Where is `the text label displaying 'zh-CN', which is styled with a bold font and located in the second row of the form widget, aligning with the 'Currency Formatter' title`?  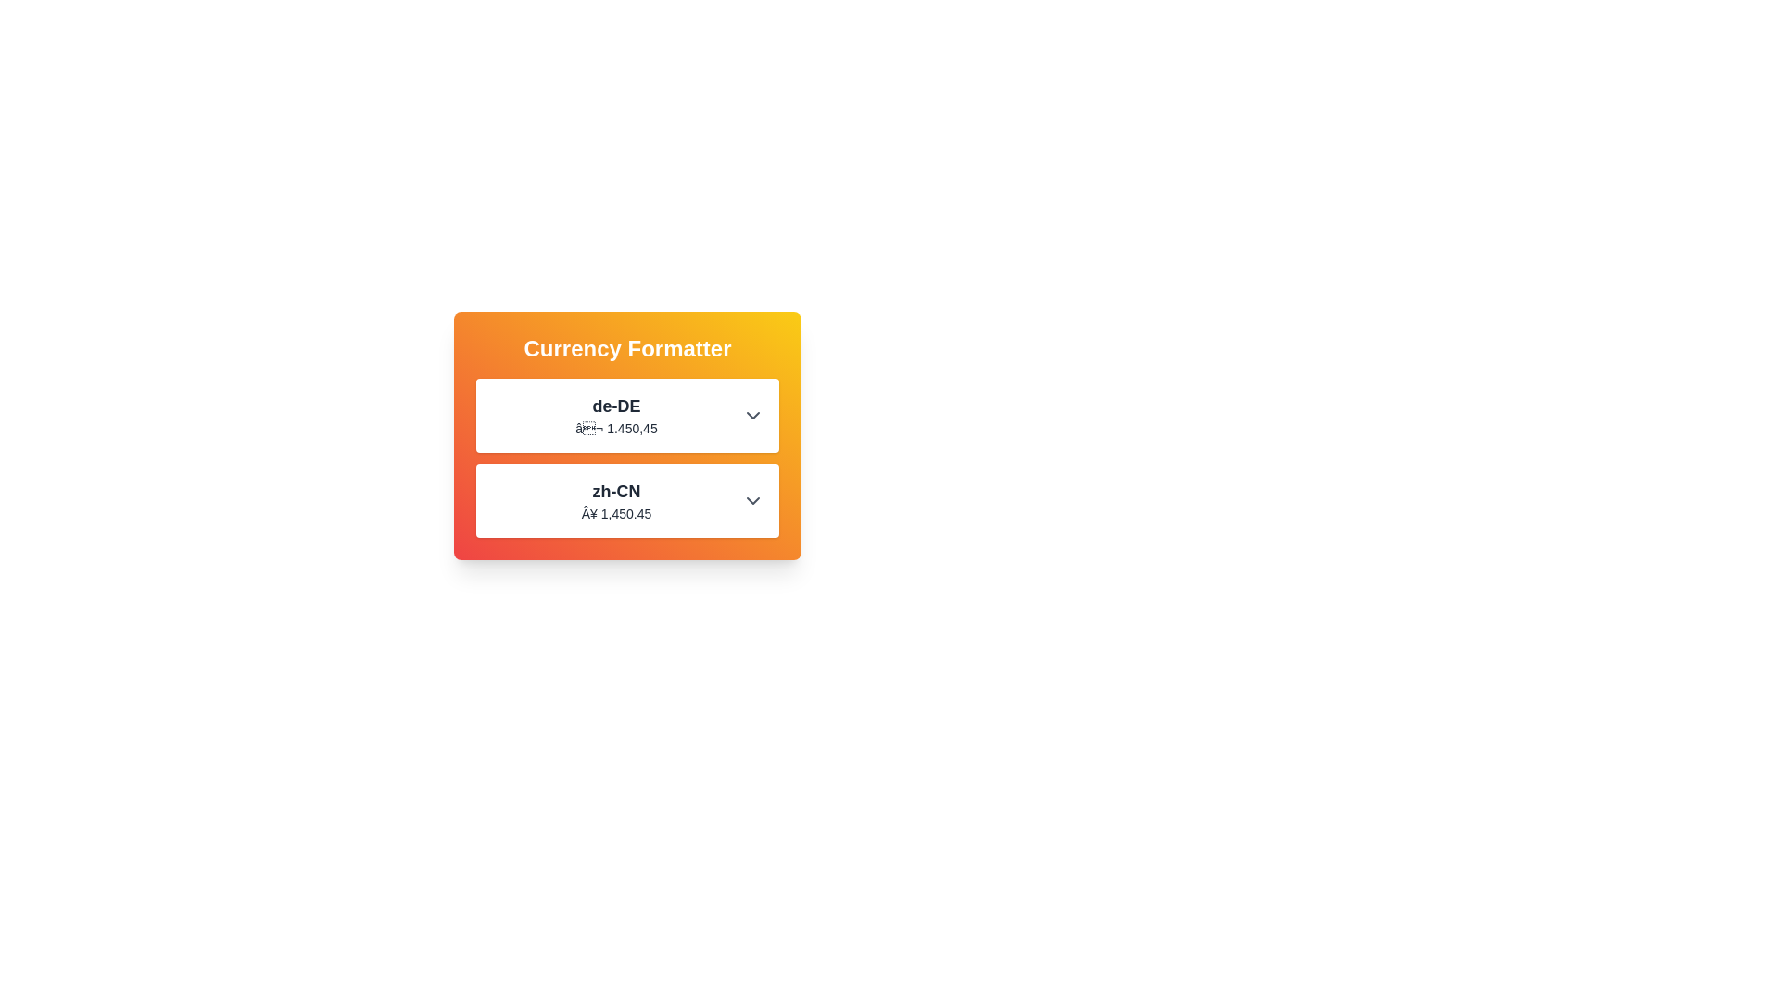
the text label displaying 'zh-CN', which is styled with a bold font and located in the second row of the form widget, aligning with the 'Currency Formatter' title is located at coordinates (616, 491).